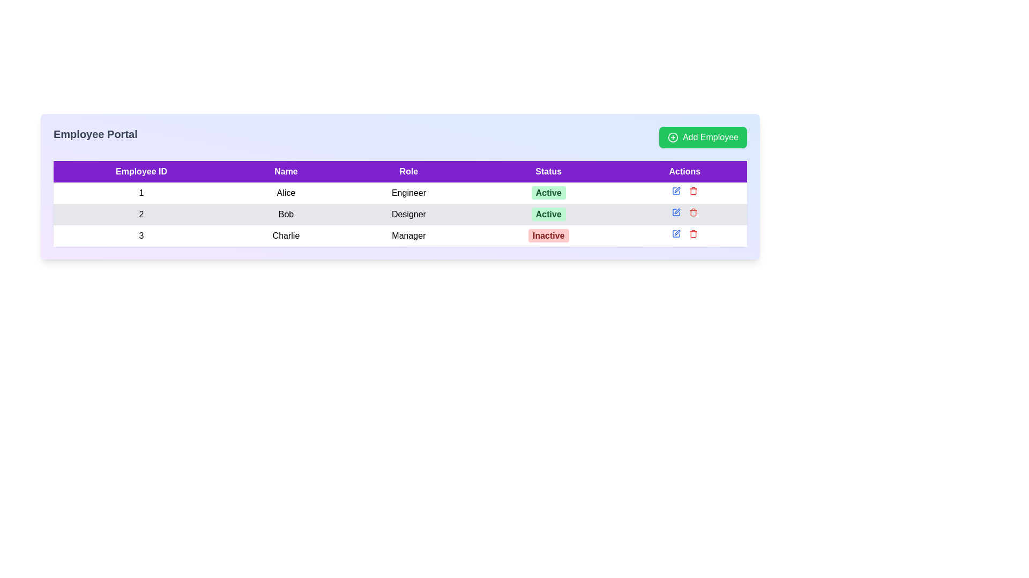 The width and height of the screenshot is (1029, 578). Describe the element at coordinates (408, 171) in the screenshot. I see `the static textual label displaying 'Role', which is styled with white text on a purple background and is centrally located in the header row of the table` at that location.